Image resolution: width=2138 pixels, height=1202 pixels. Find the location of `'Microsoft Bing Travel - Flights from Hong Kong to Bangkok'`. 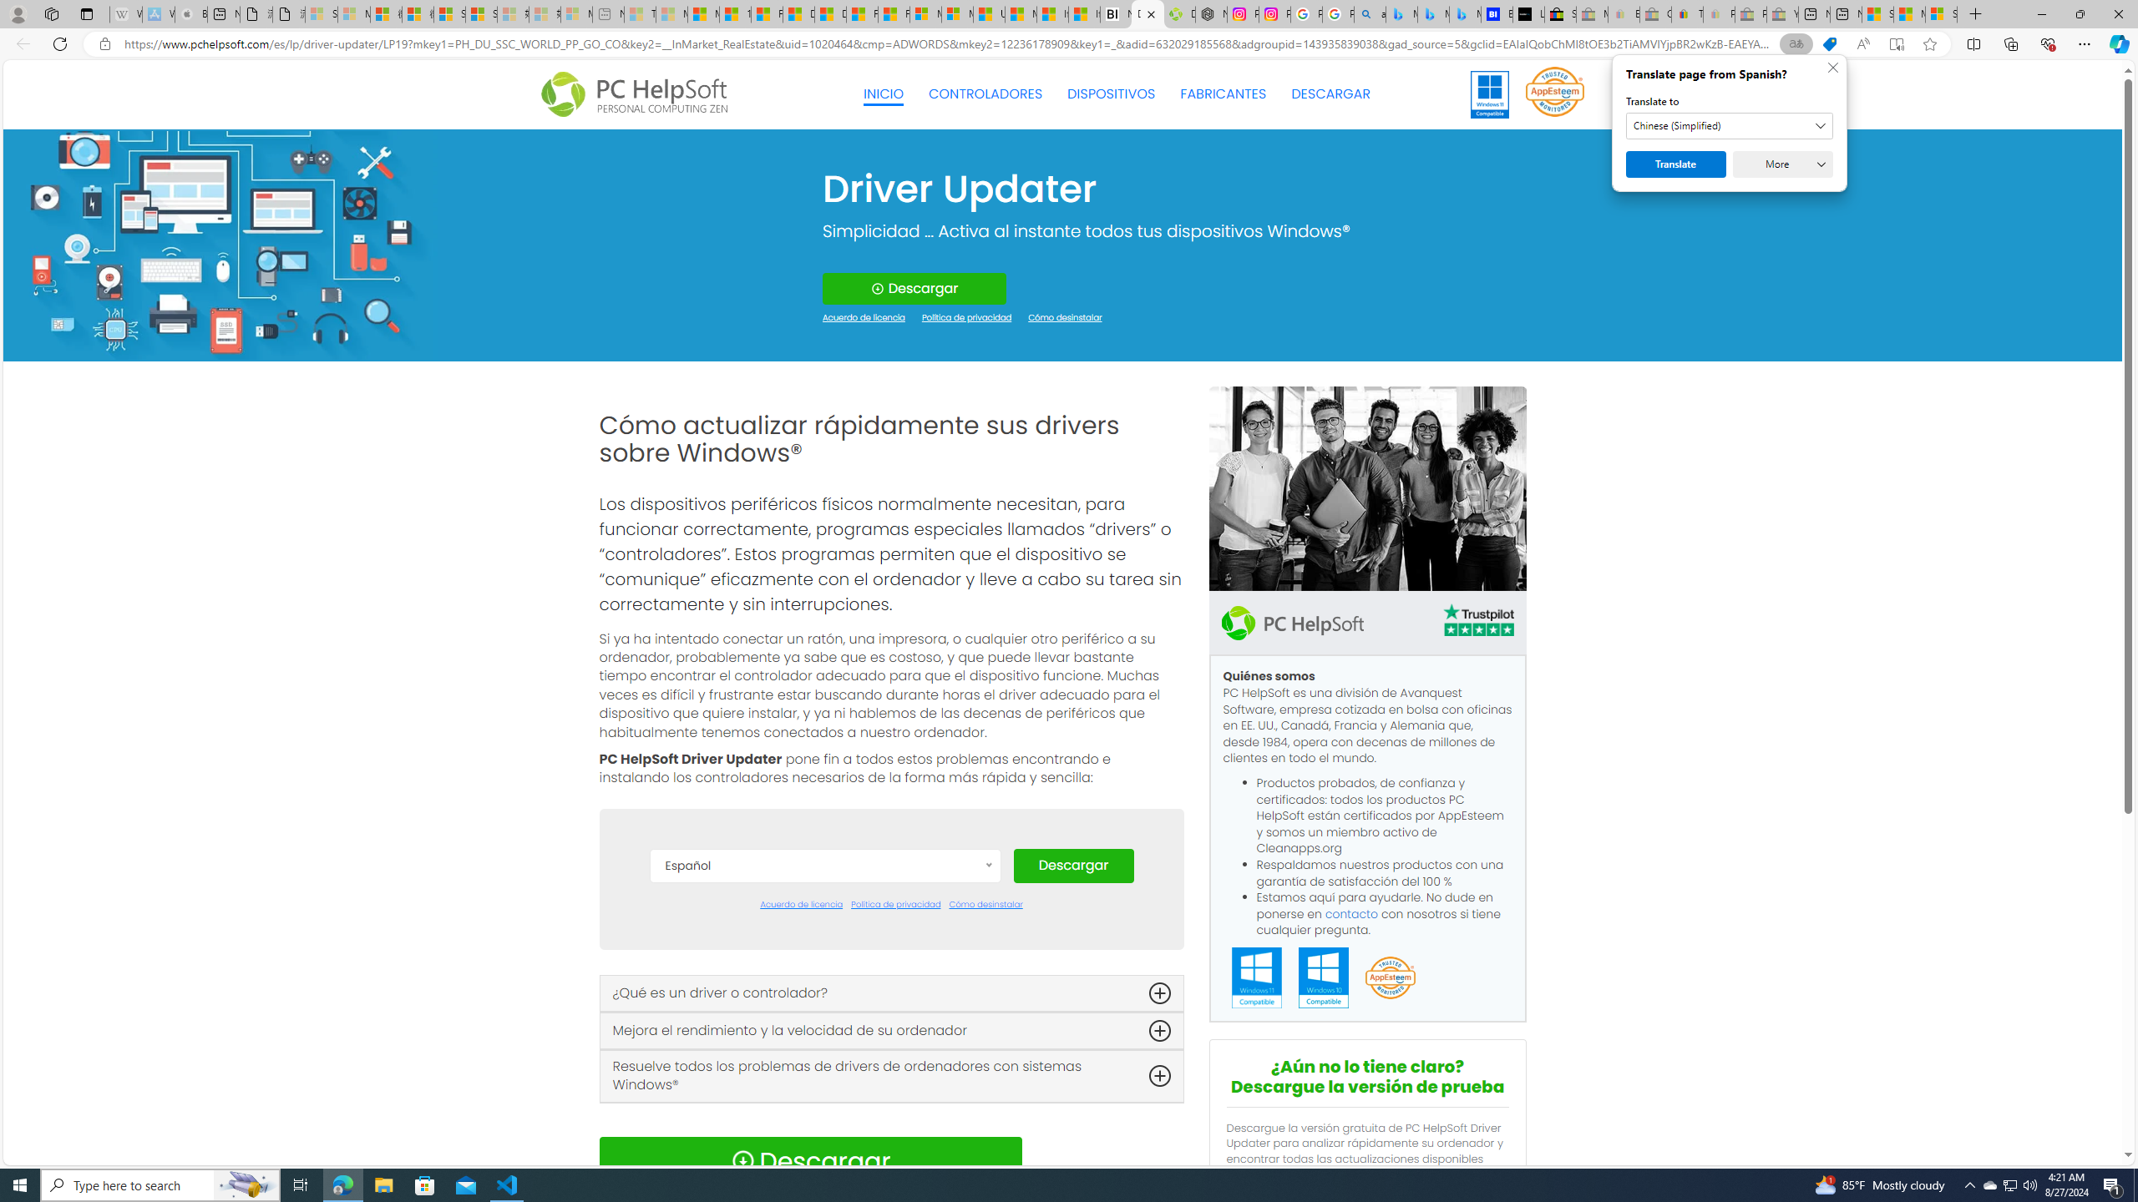

'Microsoft Bing Travel - Flights from Hong Kong to Bangkok' is located at coordinates (1401, 13).